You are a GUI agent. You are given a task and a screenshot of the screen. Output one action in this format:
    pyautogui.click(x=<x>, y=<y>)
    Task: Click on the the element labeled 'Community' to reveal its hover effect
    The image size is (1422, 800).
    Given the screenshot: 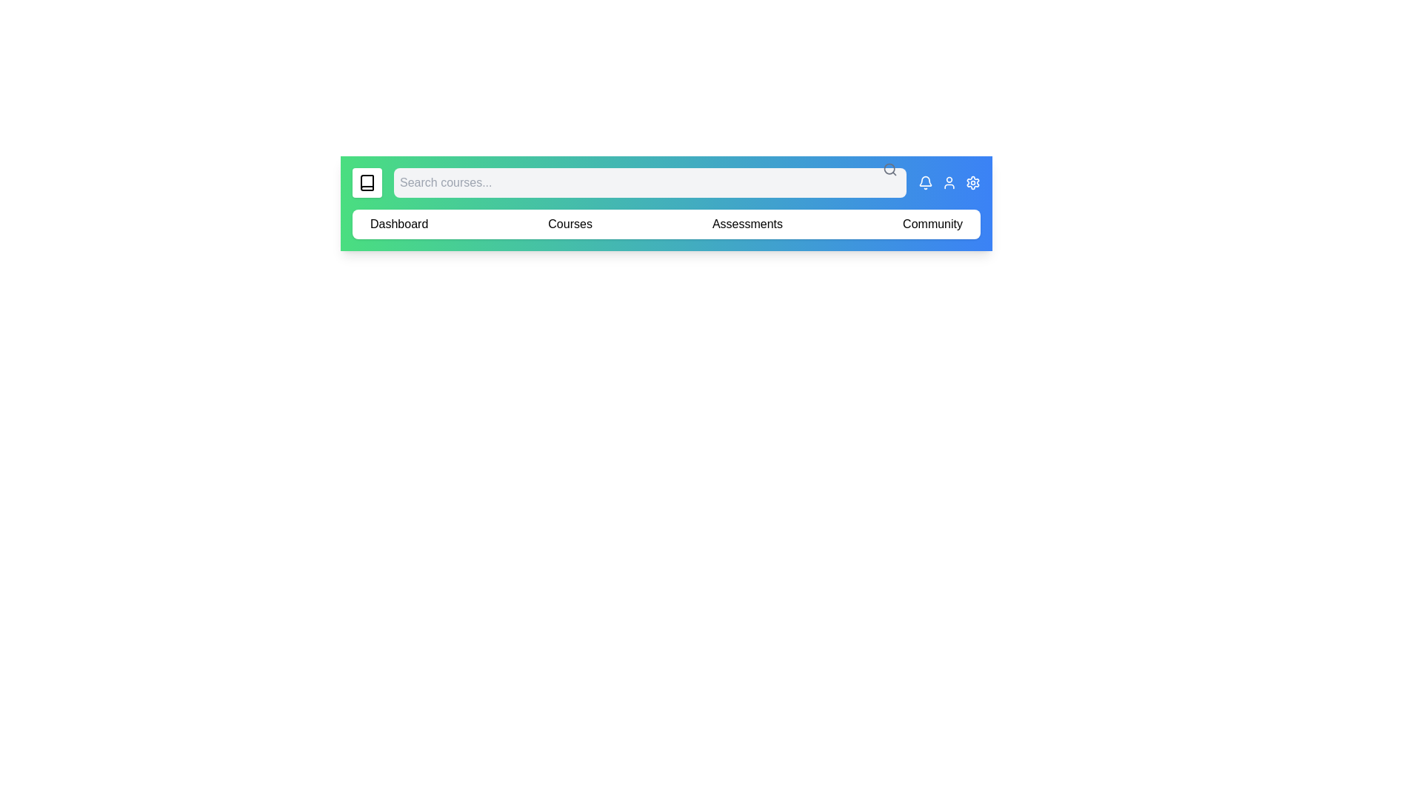 What is the action you would take?
    pyautogui.click(x=931, y=224)
    